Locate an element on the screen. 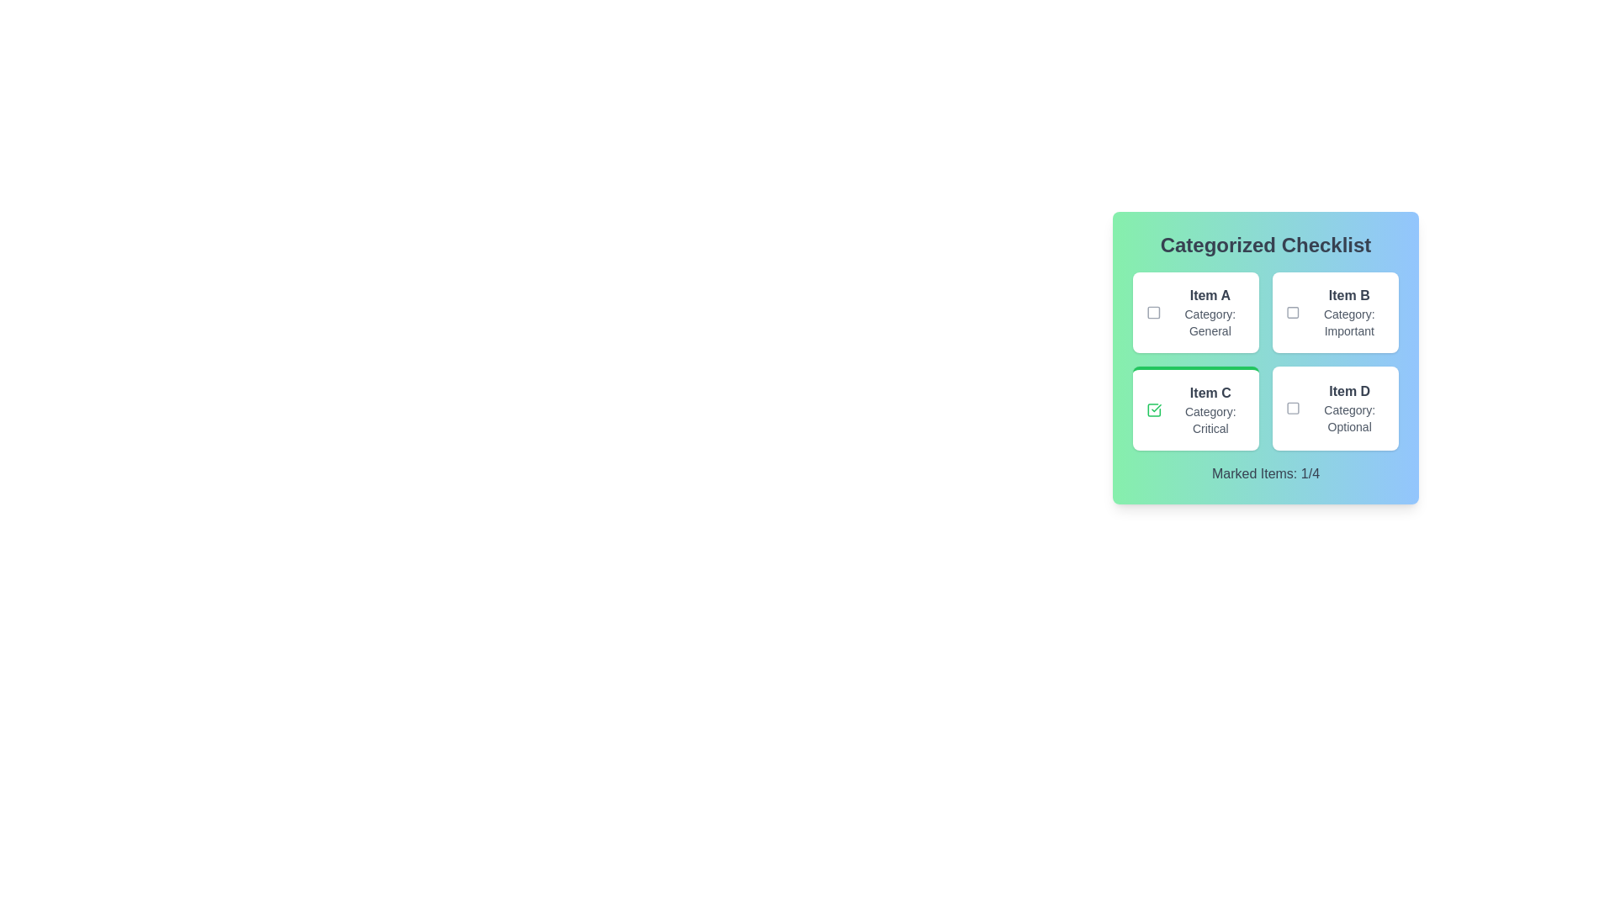 This screenshot has height=908, width=1615. the checklist item labeled Item A to view its hover effects is located at coordinates (1194, 312).